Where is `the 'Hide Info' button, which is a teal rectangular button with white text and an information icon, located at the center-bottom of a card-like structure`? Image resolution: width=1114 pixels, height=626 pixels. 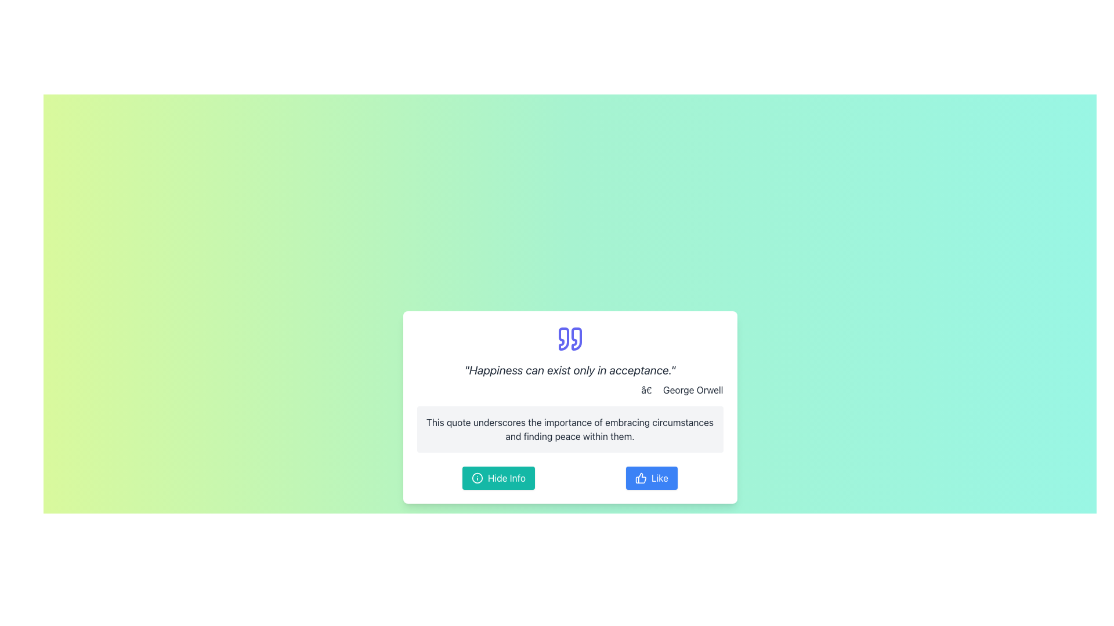 the 'Hide Info' button, which is a teal rectangular button with white text and an information icon, located at the center-bottom of a card-like structure is located at coordinates (498, 478).